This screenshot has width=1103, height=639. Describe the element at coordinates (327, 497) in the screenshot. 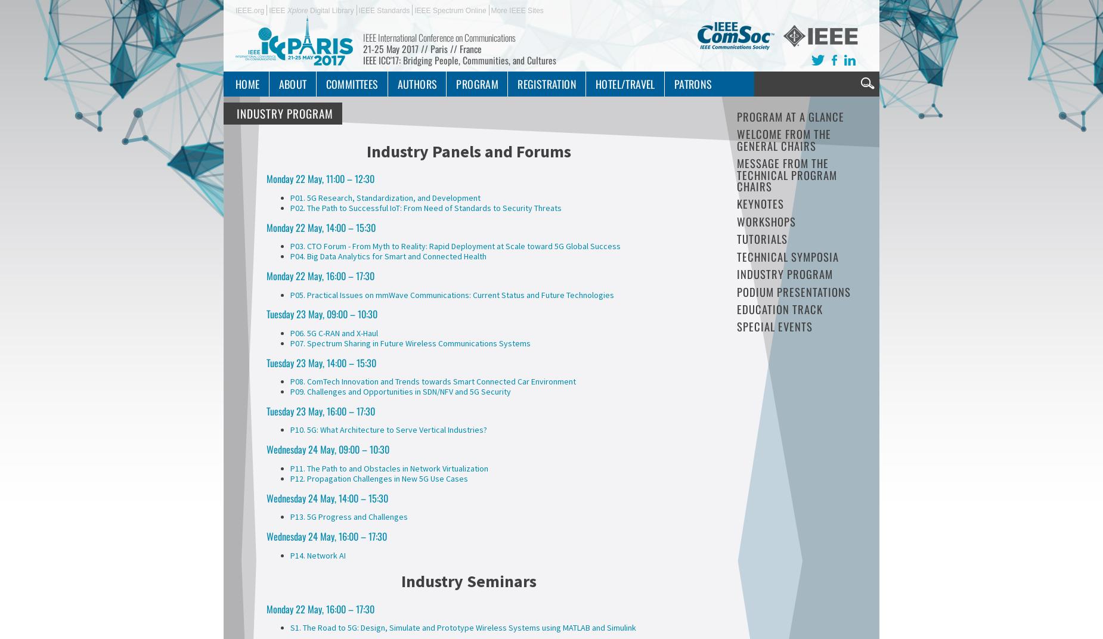

I see `'Wednesday 24 May, 14:00 – 15:30'` at that location.